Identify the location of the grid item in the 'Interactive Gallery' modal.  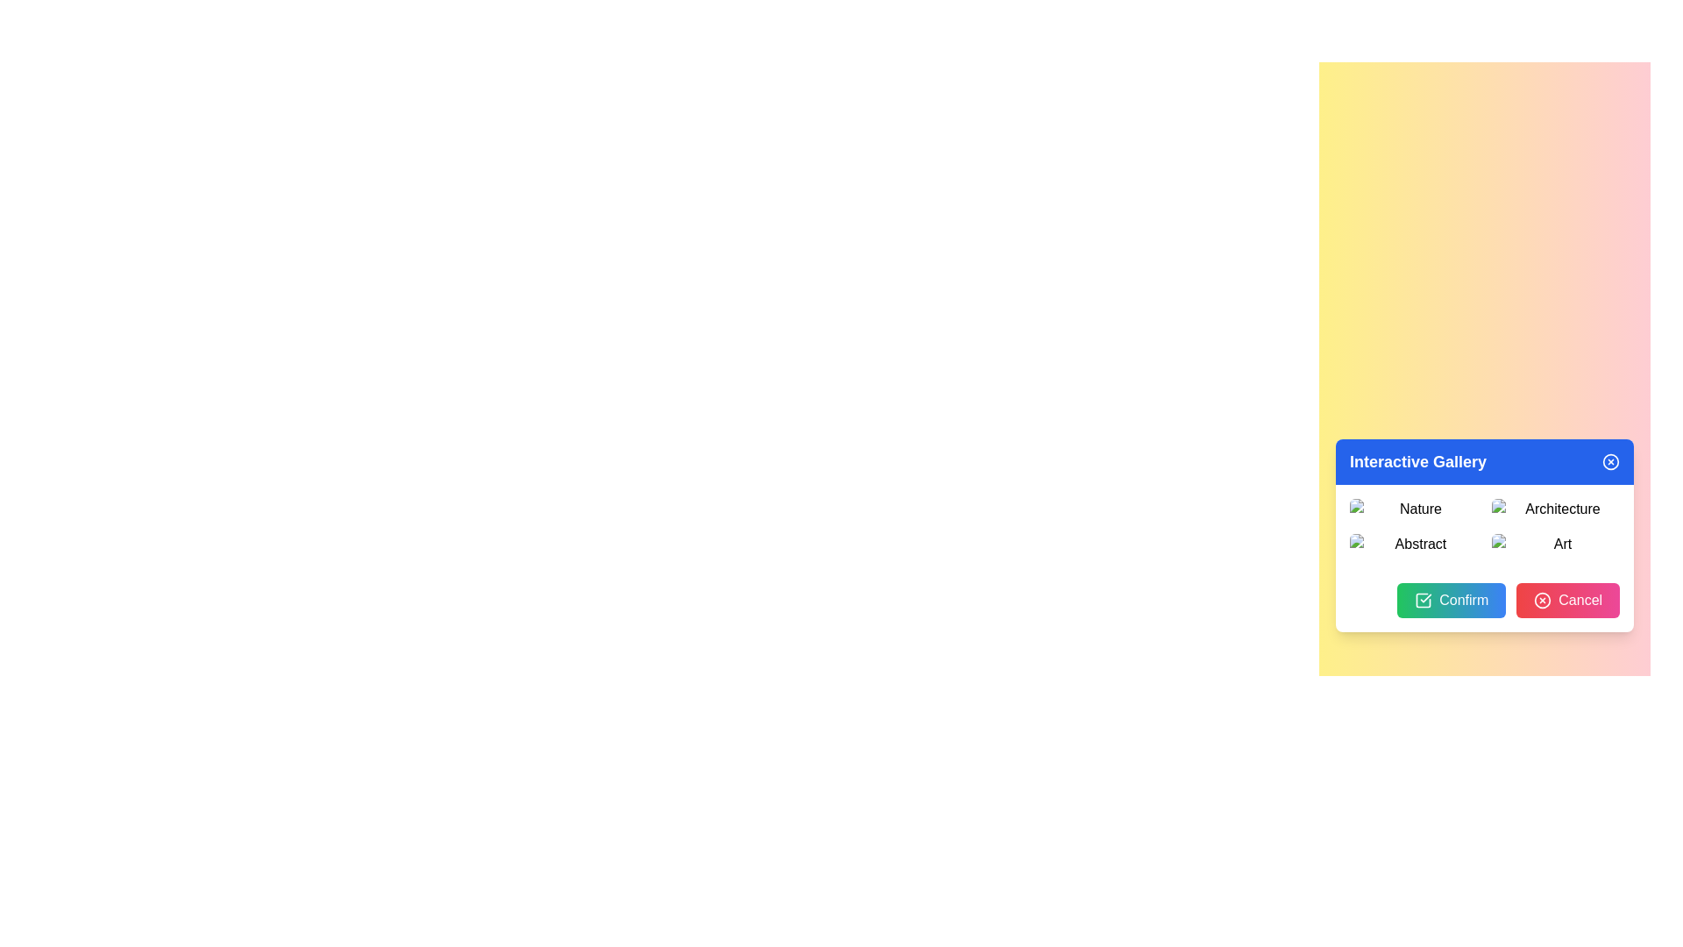
(1484, 526).